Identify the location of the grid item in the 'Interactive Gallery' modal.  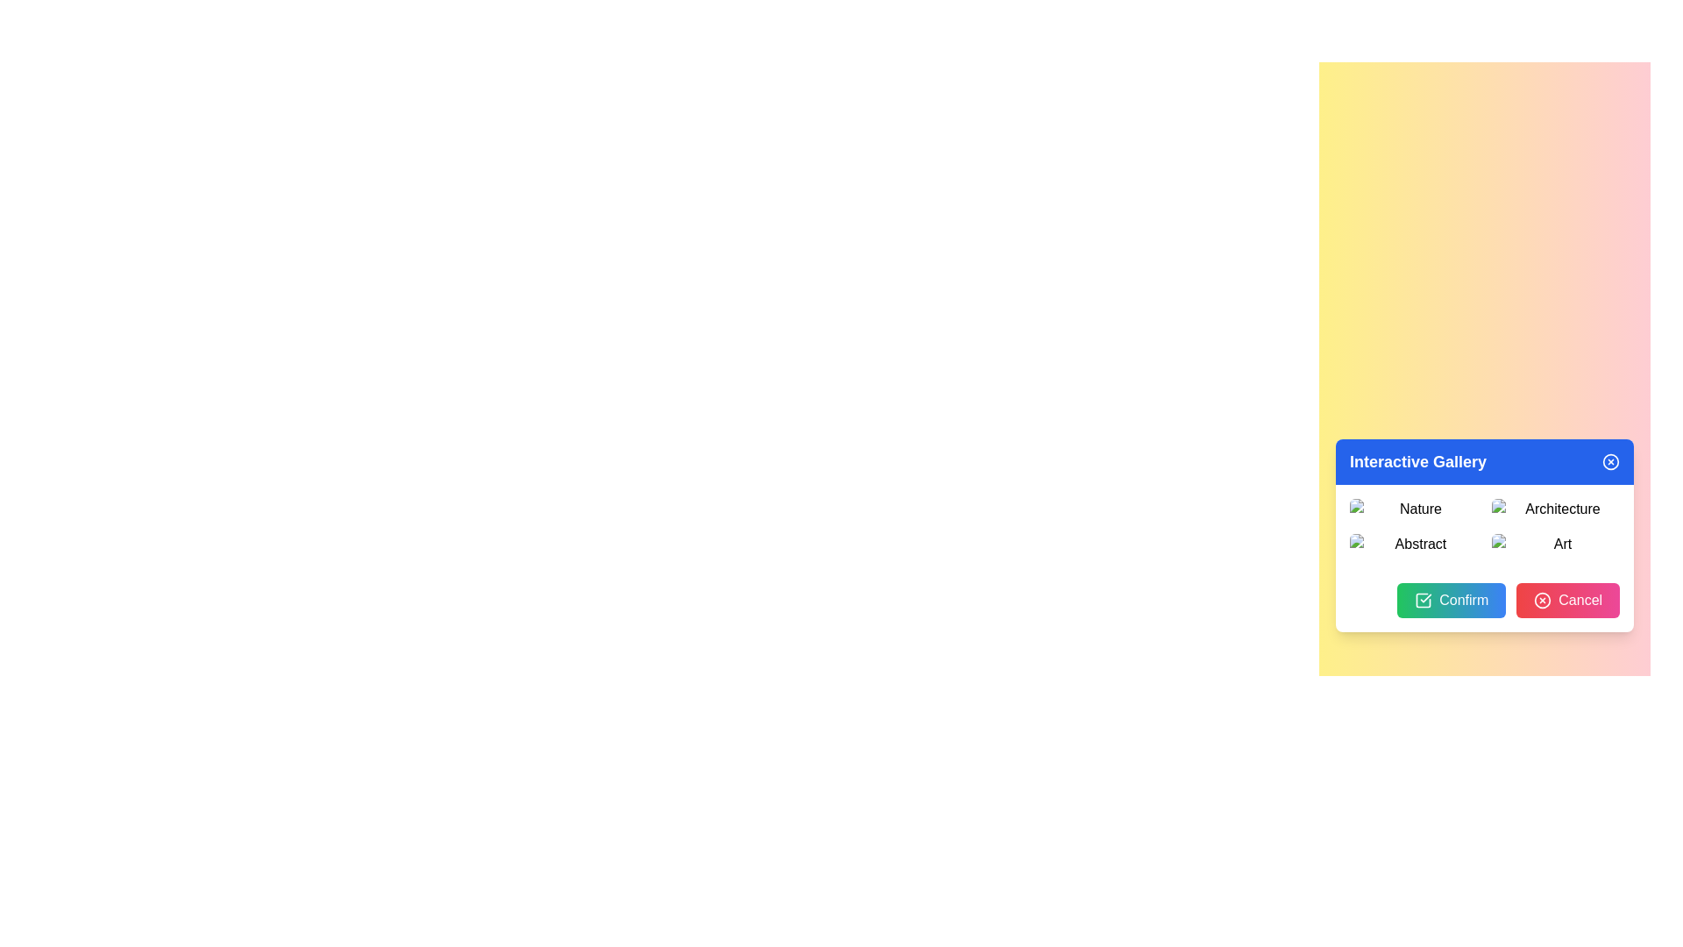
(1484, 526).